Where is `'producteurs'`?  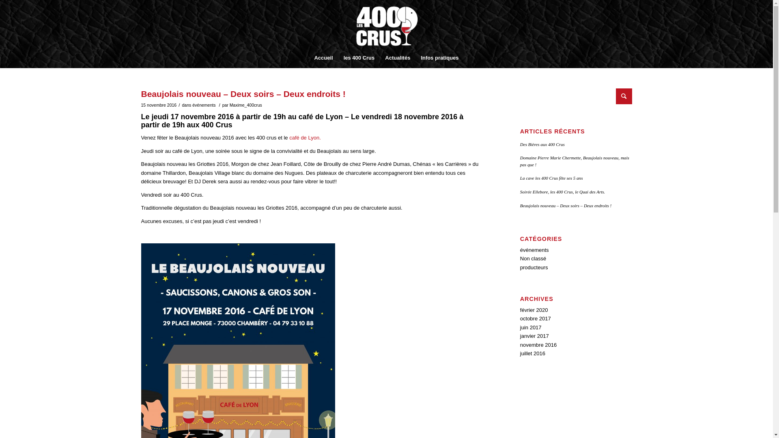
'producteurs' is located at coordinates (534, 267).